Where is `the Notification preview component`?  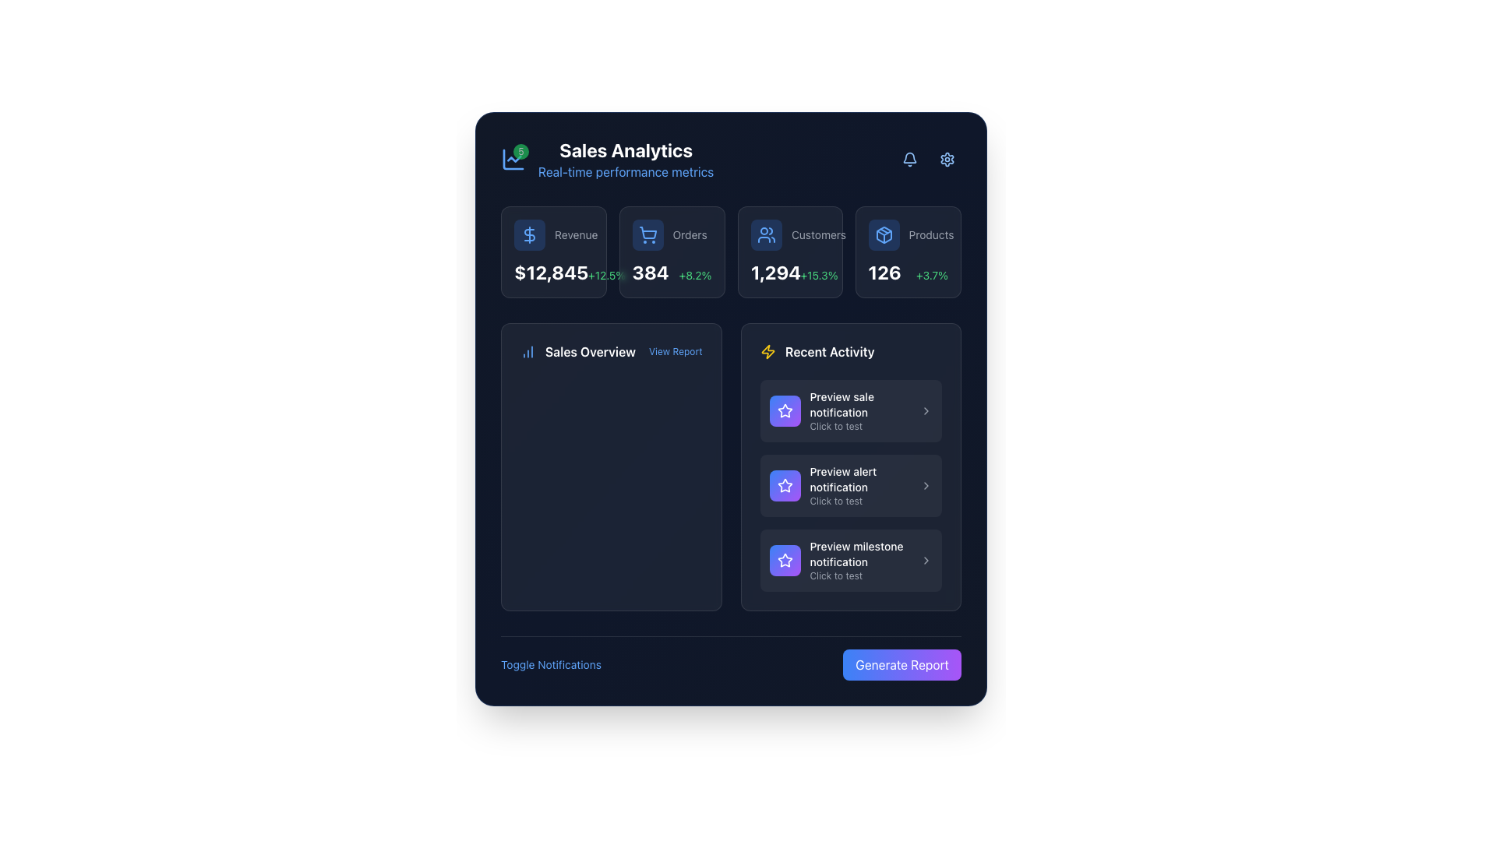
the Notification preview component is located at coordinates (850, 466).